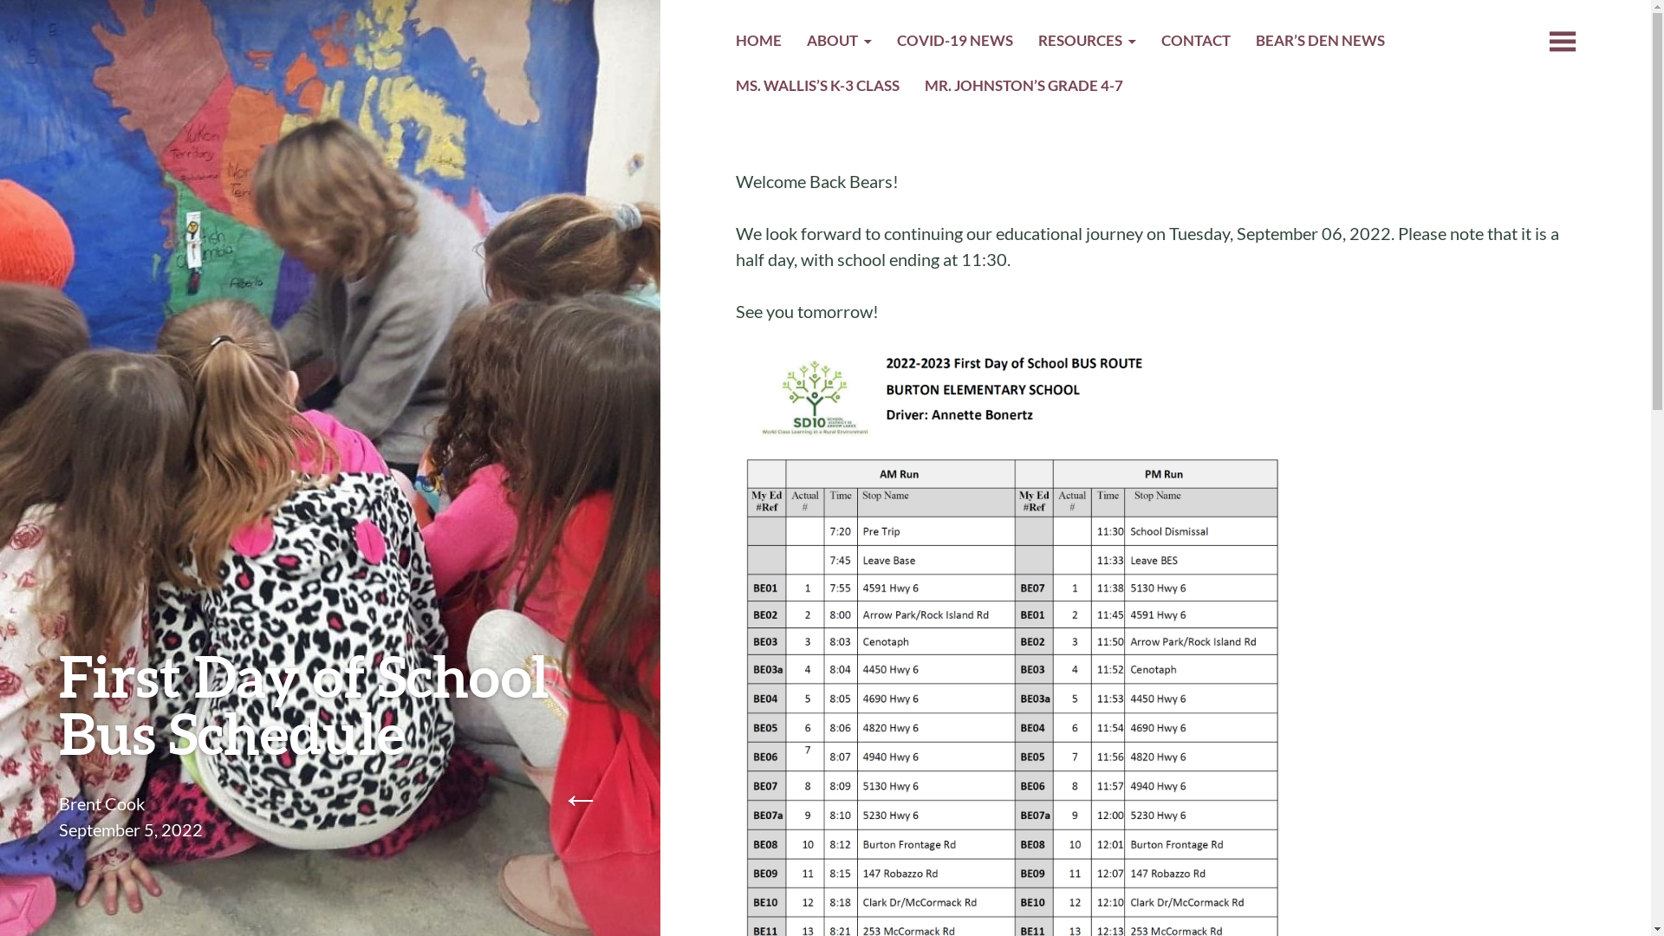 This screenshot has height=936, width=1664. Describe the element at coordinates (1086, 42) in the screenshot. I see `'RESOURCES'` at that location.